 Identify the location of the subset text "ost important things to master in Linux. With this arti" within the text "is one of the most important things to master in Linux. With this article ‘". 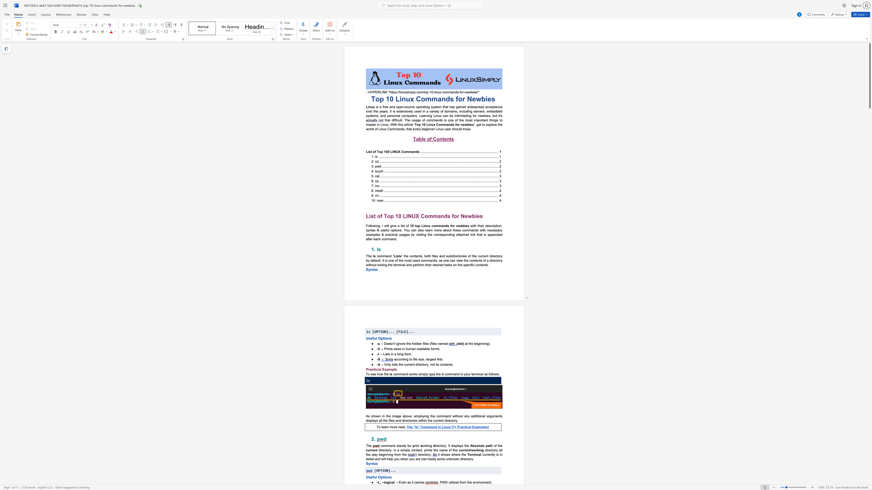
(467, 120).